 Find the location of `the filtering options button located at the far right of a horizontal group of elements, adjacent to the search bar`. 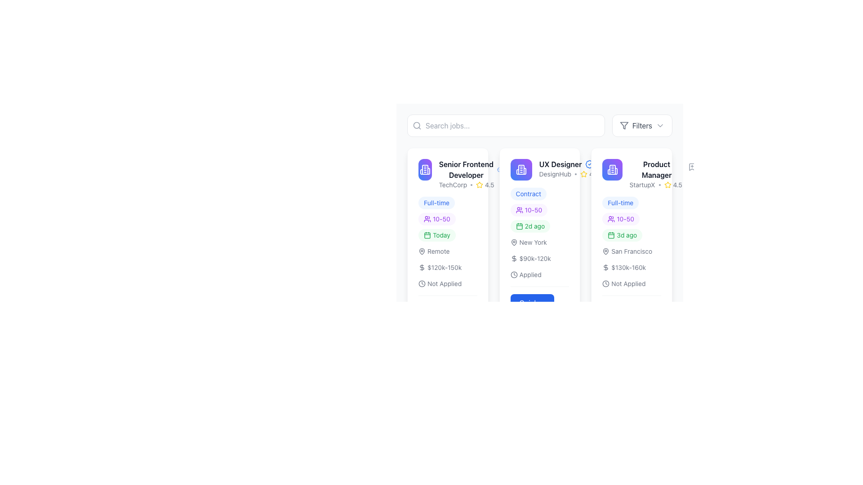

the filtering options button located at the far right of a horizontal group of elements, adjacent to the search bar is located at coordinates (641, 126).